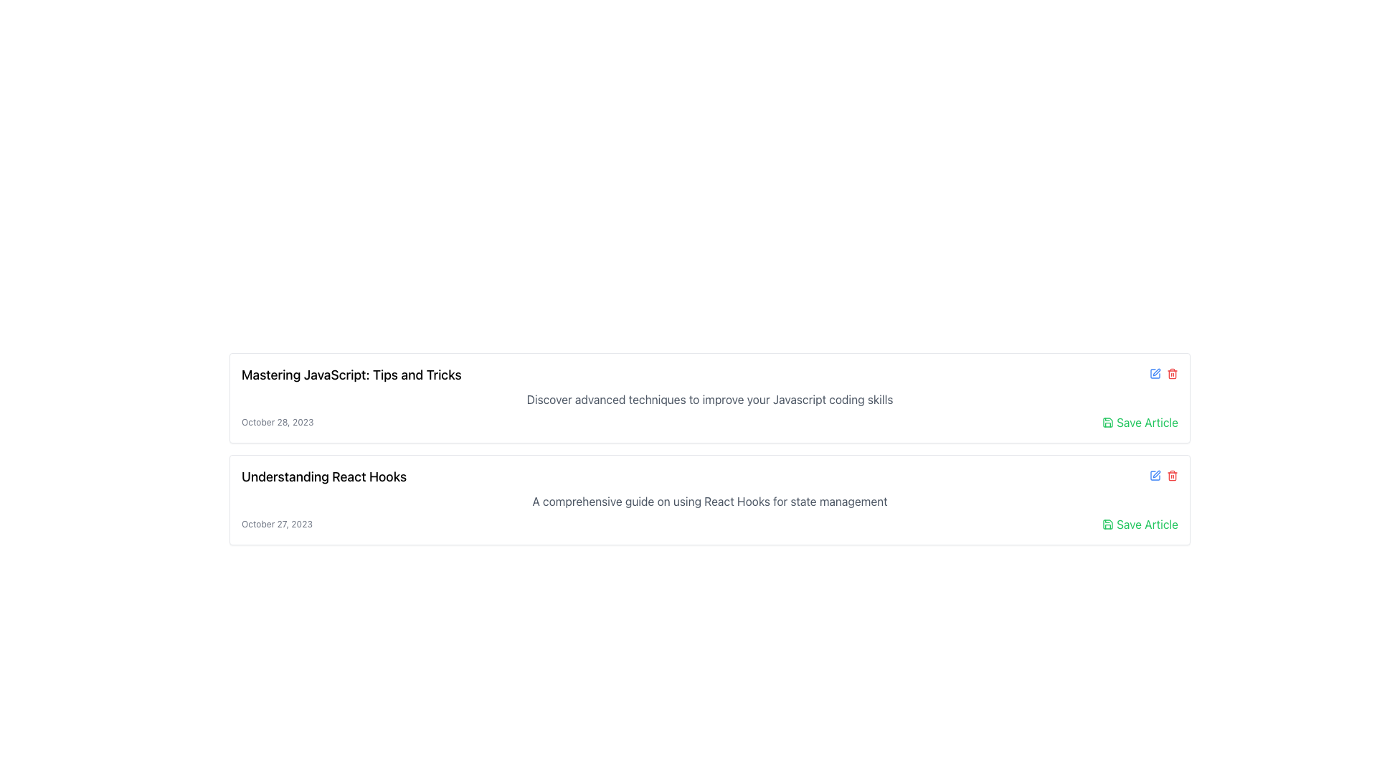 The image size is (1377, 775). Describe the element at coordinates (1173, 372) in the screenshot. I see `the red trash can icon button located at the end of the row for the article 'Mastering JavaScript: Tips and Tricks'` at that location.